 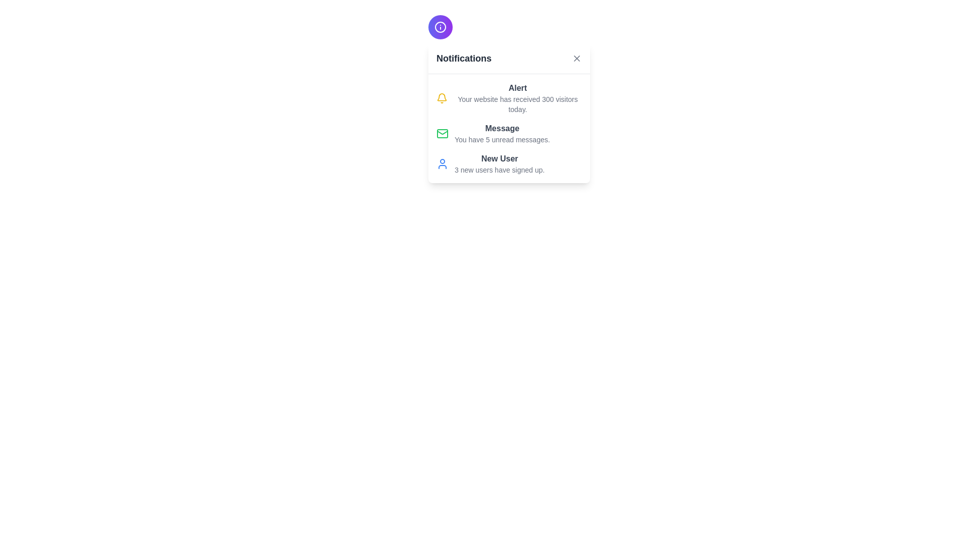 What do you see at coordinates (509, 98) in the screenshot?
I see `notification displaying the message about 300 visitors today, which is the first notification in the 'Notifications' dialog box, characterized by a yellow bell icon and the heading 'Alert'` at bounding box center [509, 98].